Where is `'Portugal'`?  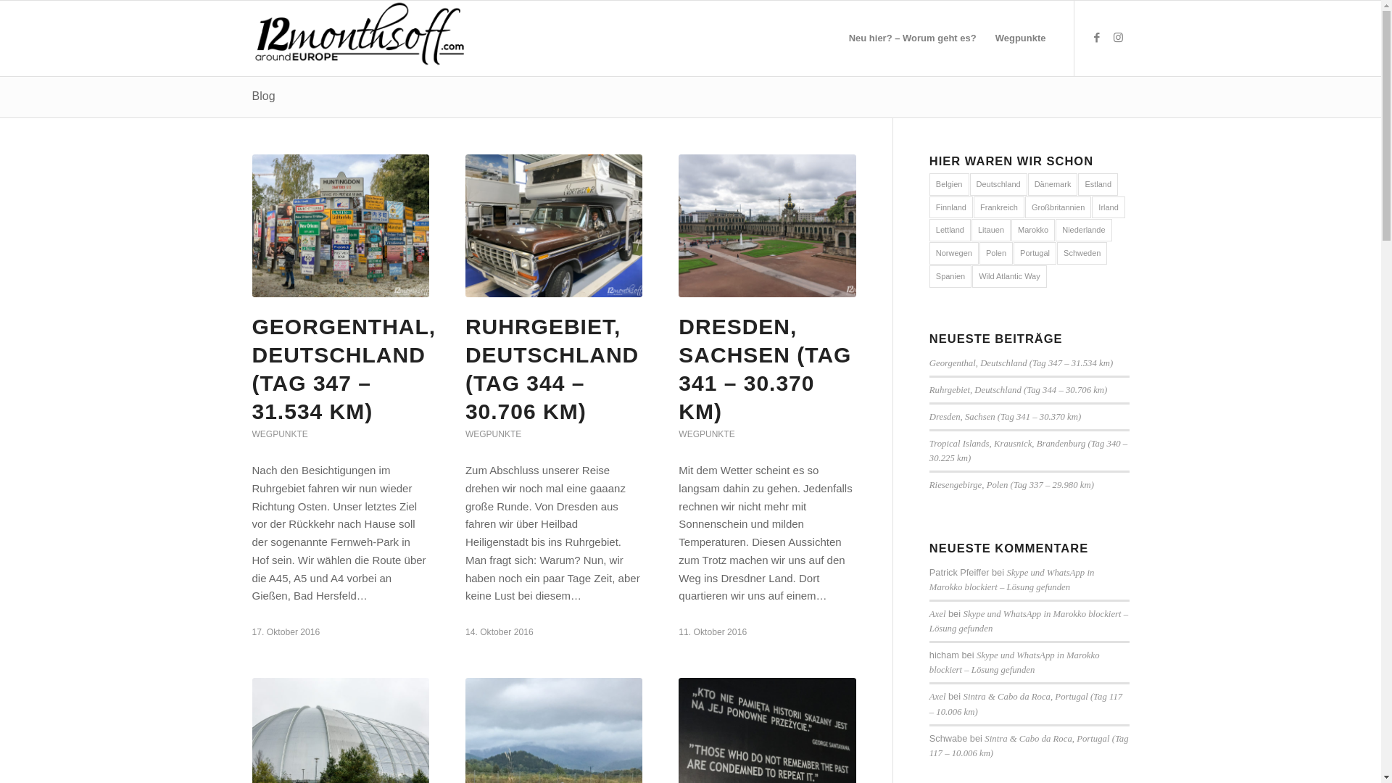 'Portugal' is located at coordinates (1012, 252).